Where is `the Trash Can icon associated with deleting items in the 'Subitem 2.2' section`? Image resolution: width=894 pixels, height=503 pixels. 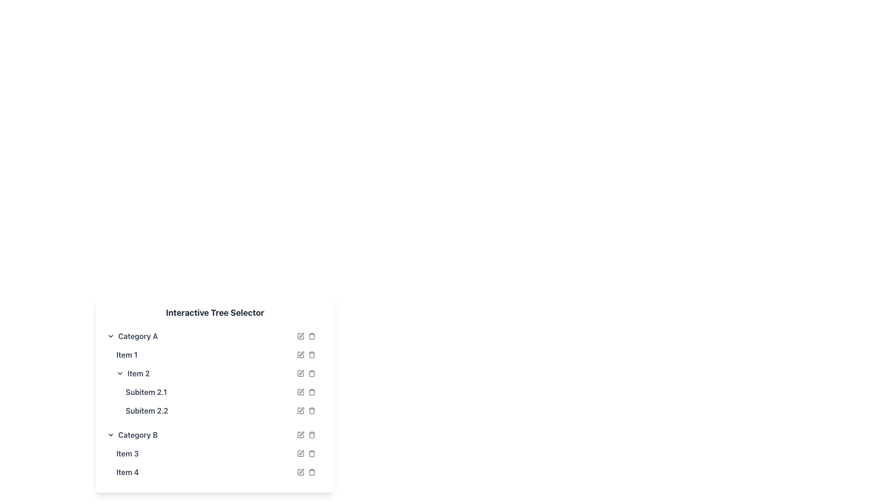 the Trash Can icon associated with deleting items in the 'Subitem 2.2' section is located at coordinates (312, 411).